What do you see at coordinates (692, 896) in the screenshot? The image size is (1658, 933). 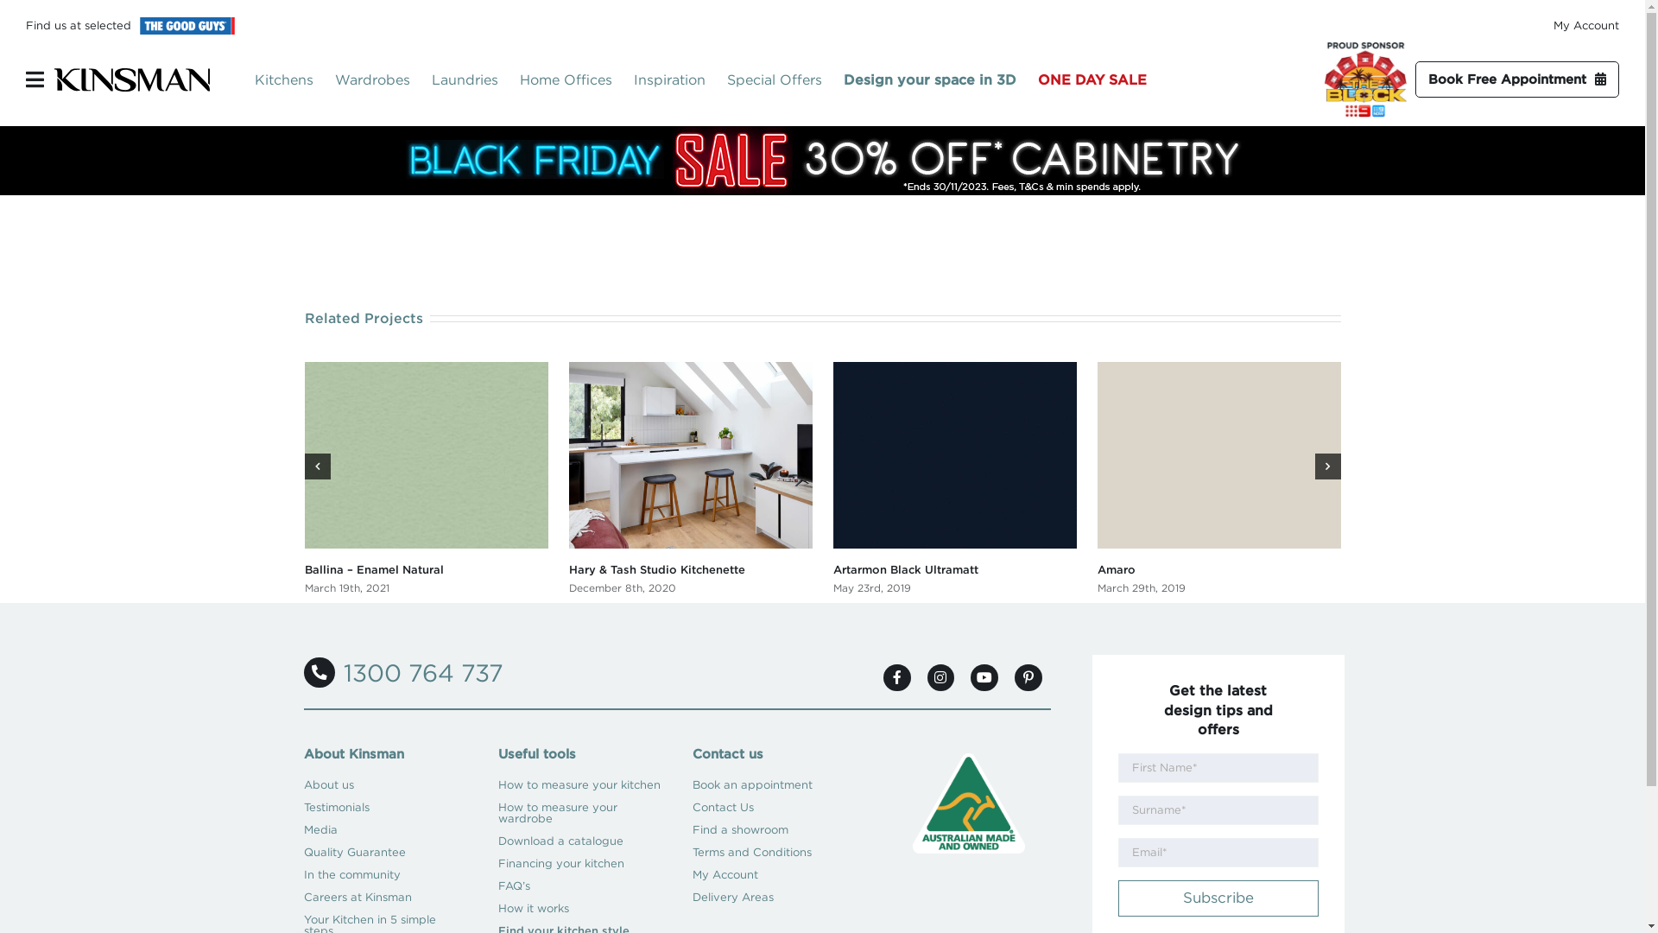 I see `'Delivery Areas'` at bounding box center [692, 896].